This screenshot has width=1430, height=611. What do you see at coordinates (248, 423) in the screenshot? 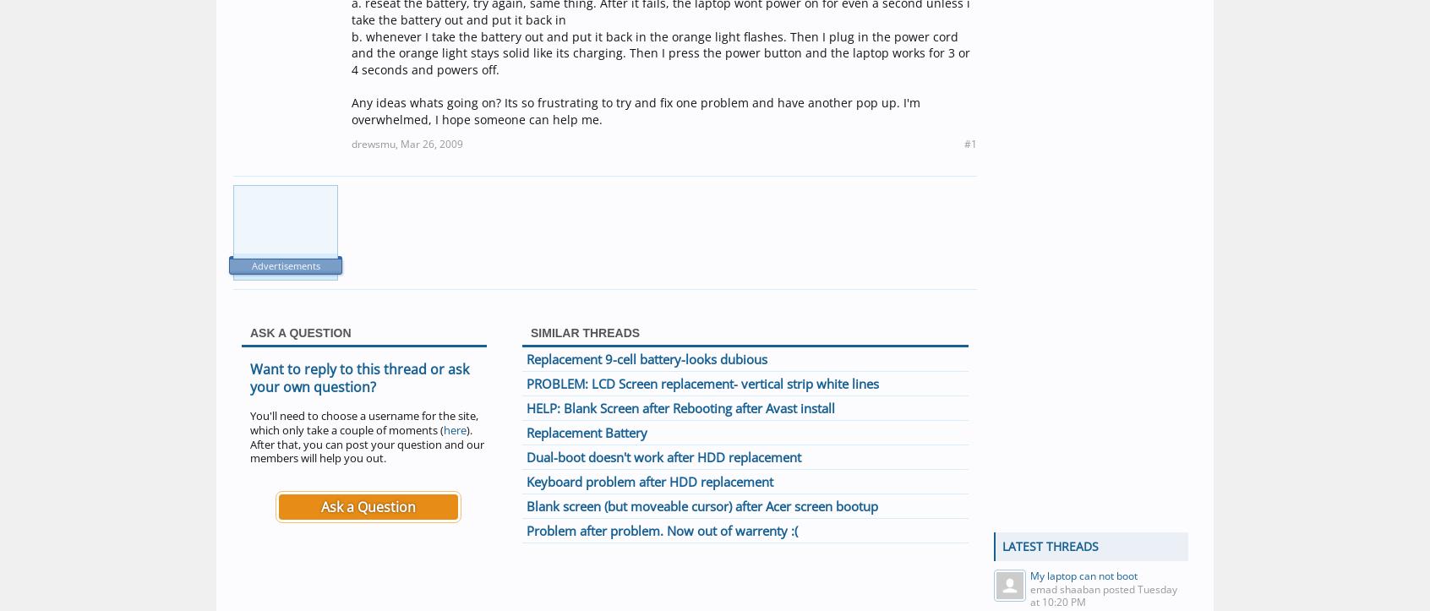
I see `'You'll need to choose a username for the site, which only take a couple of moments ('` at bounding box center [248, 423].